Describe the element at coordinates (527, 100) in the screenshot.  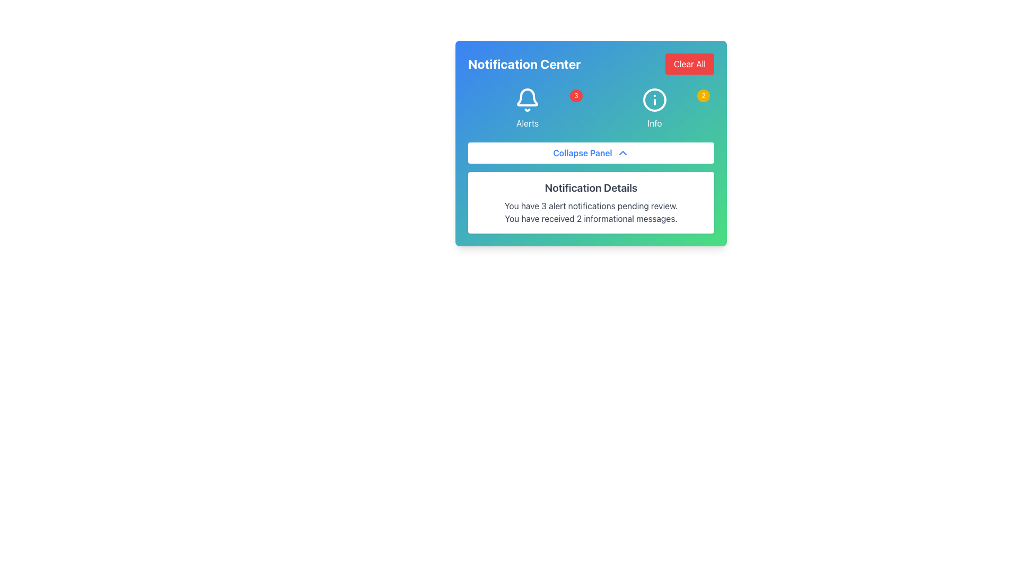
I see `the bell icon with a white outline and filled center in the 'Alerts' section of the 'Notification Center'` at that location.